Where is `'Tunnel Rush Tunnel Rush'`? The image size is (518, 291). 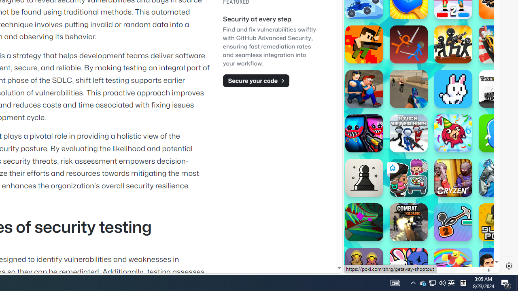 'Tunnel Rush Tunnel Rush' is located at coordinates (363, 222).